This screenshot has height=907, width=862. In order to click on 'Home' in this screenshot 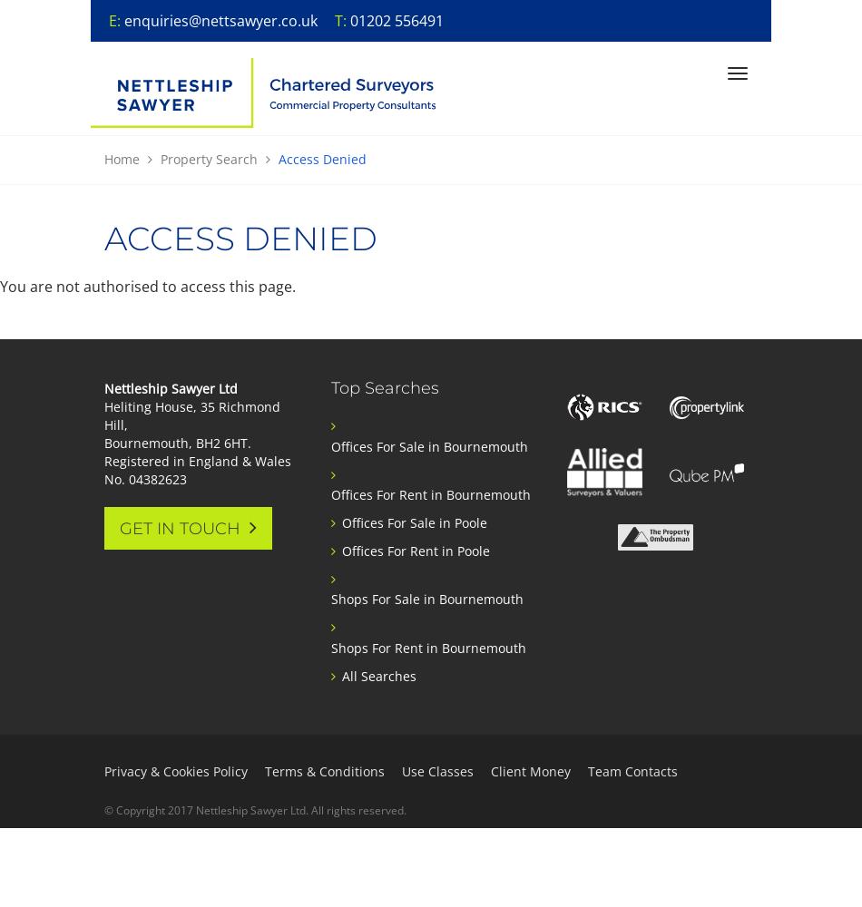, I will do `click(104, 159)`.